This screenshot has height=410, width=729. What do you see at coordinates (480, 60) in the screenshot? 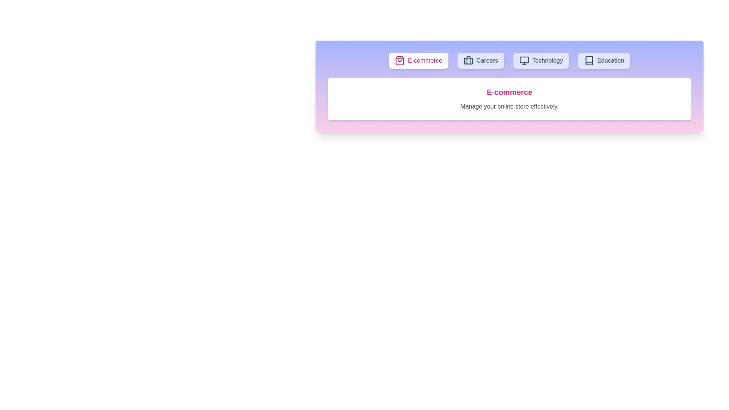
I see `the tab labeled Careers to see its hover effect` at bounding box center [480, 60].